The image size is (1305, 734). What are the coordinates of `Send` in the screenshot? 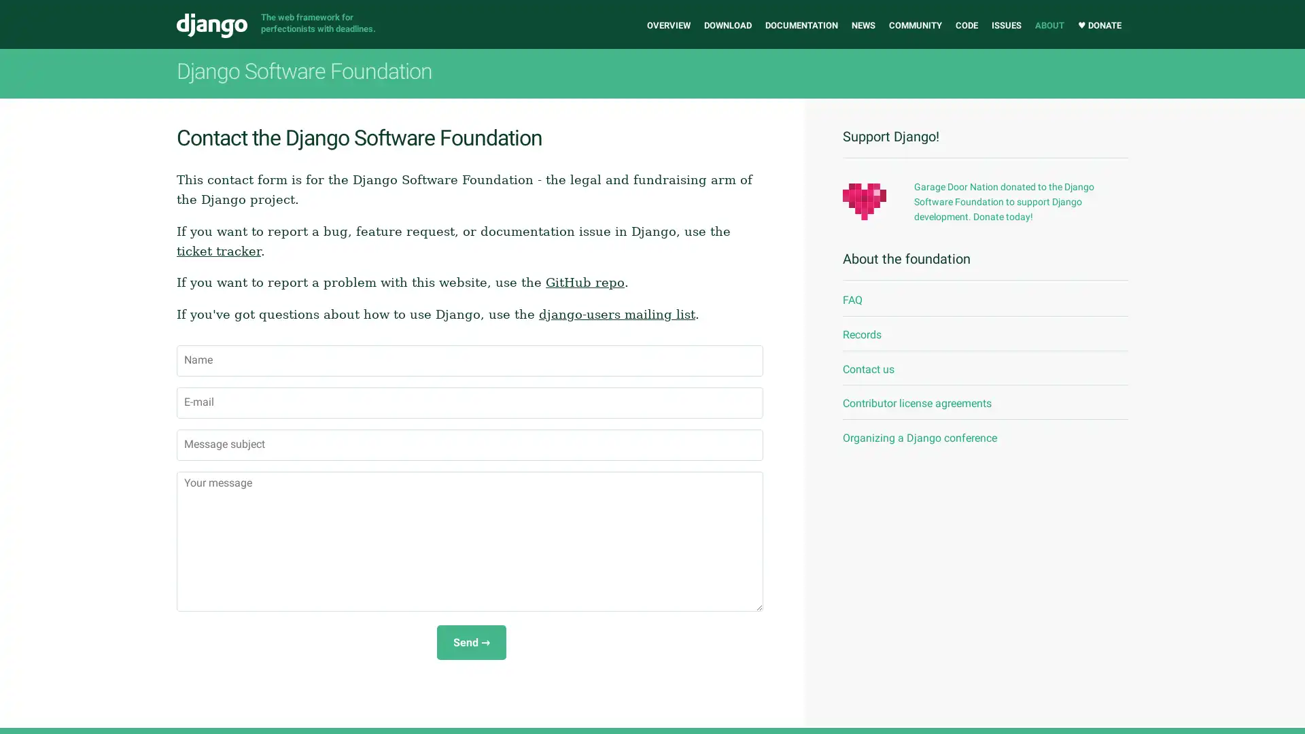 It's located at (472, 642).